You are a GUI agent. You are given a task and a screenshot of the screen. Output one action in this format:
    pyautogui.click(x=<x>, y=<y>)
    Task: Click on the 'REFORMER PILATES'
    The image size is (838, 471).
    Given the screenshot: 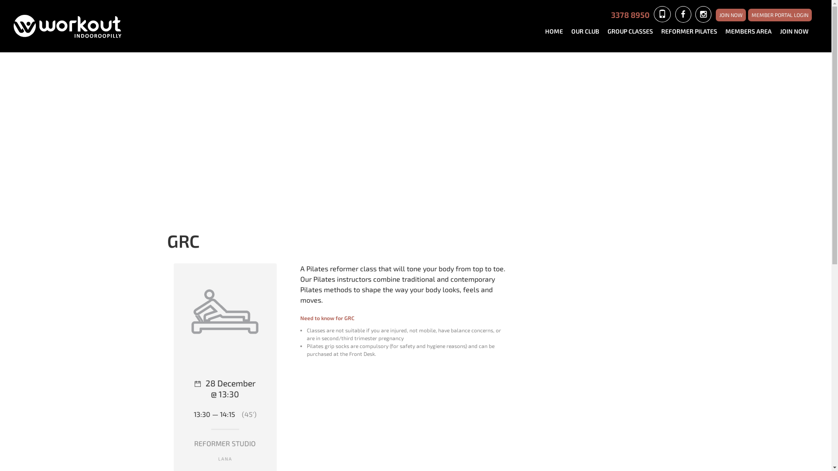 What is the action you would take?
    pyautogui.click(x=692, y=31)
    